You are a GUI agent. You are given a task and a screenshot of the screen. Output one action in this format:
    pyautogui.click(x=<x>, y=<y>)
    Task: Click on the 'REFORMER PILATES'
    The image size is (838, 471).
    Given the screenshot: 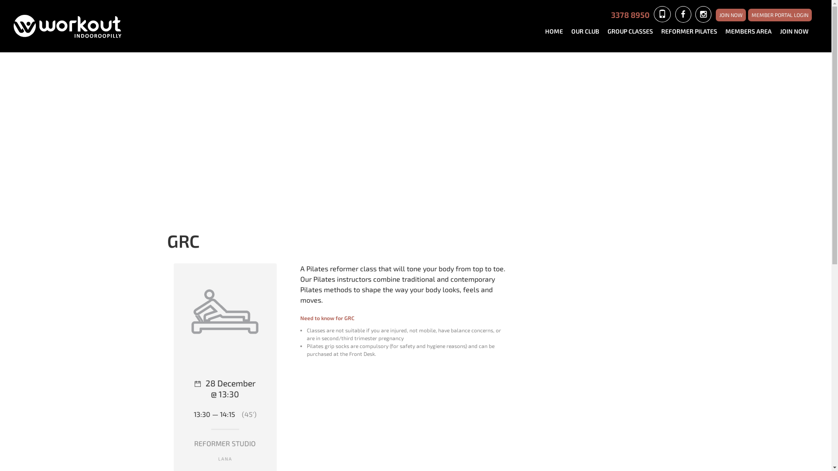 What is the action you would take?
    pyautogui.click(x=692, y=31)
    